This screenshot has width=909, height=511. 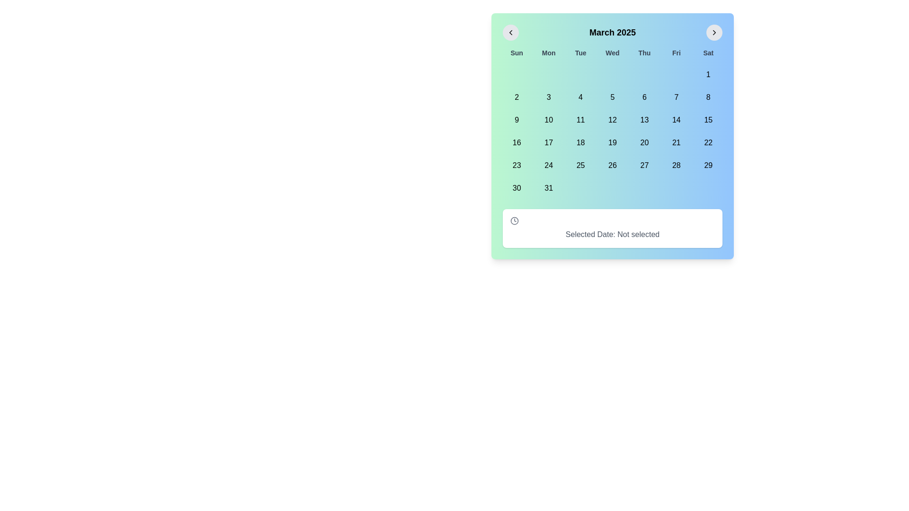 What do you see at coordinates (708, 165) in the screenshot?
I see `the button representing the date 29 in the March 2025 calendar` at bounding box center [708, 165].